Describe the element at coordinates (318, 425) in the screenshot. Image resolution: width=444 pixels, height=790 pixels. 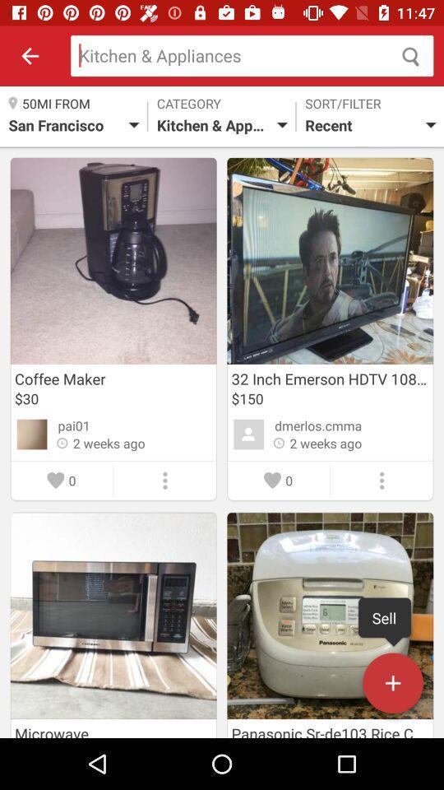
I see `dmerlos.cmma item` at that location.